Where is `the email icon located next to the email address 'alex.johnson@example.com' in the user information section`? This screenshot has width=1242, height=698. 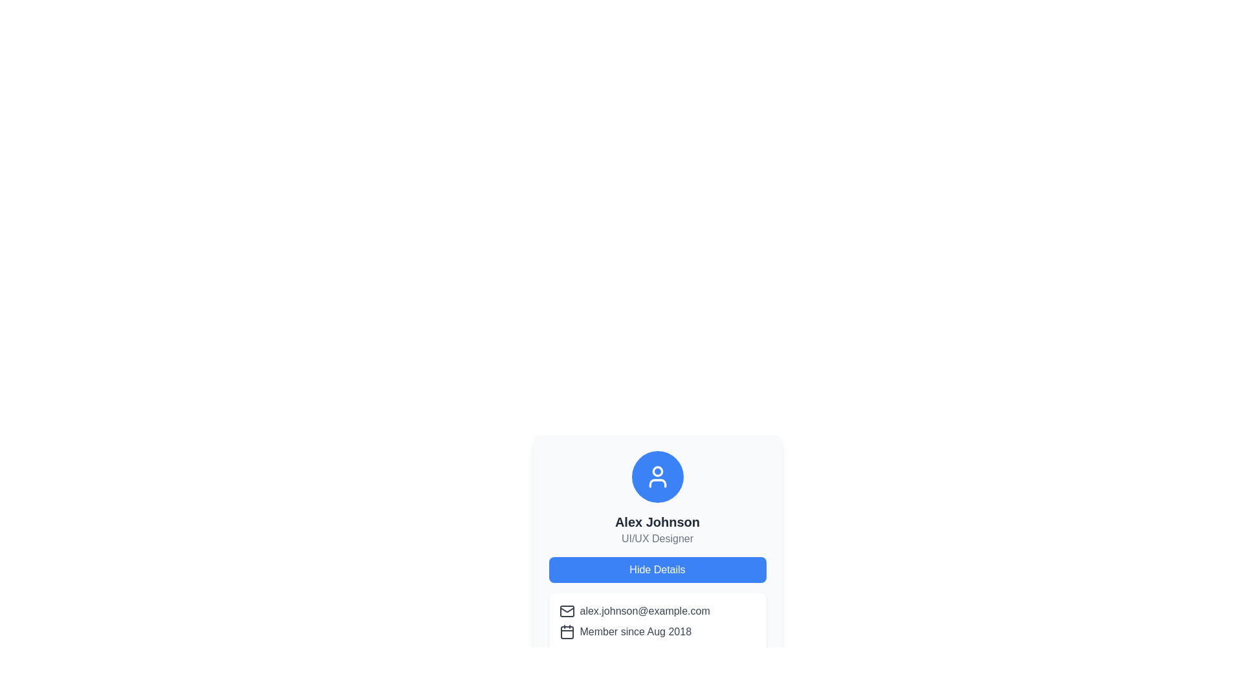
the email icon located next to the email address 'alex.johnson@example.com' in the user information section is located at coordinates (567, 611).